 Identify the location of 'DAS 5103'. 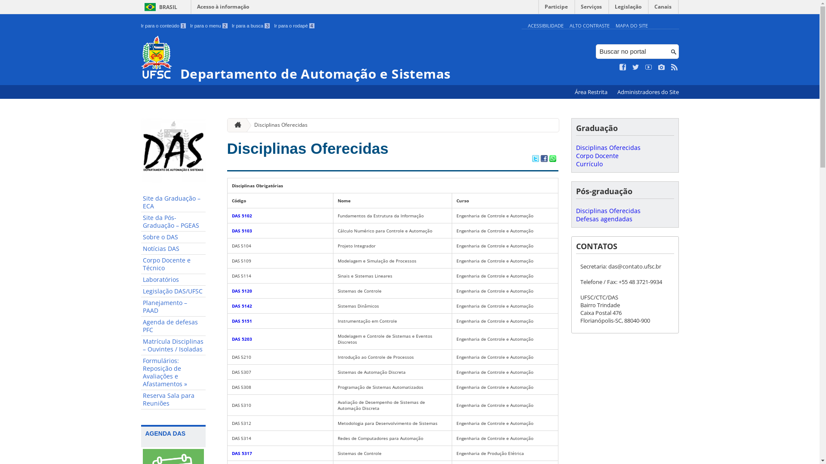
(241, 230).